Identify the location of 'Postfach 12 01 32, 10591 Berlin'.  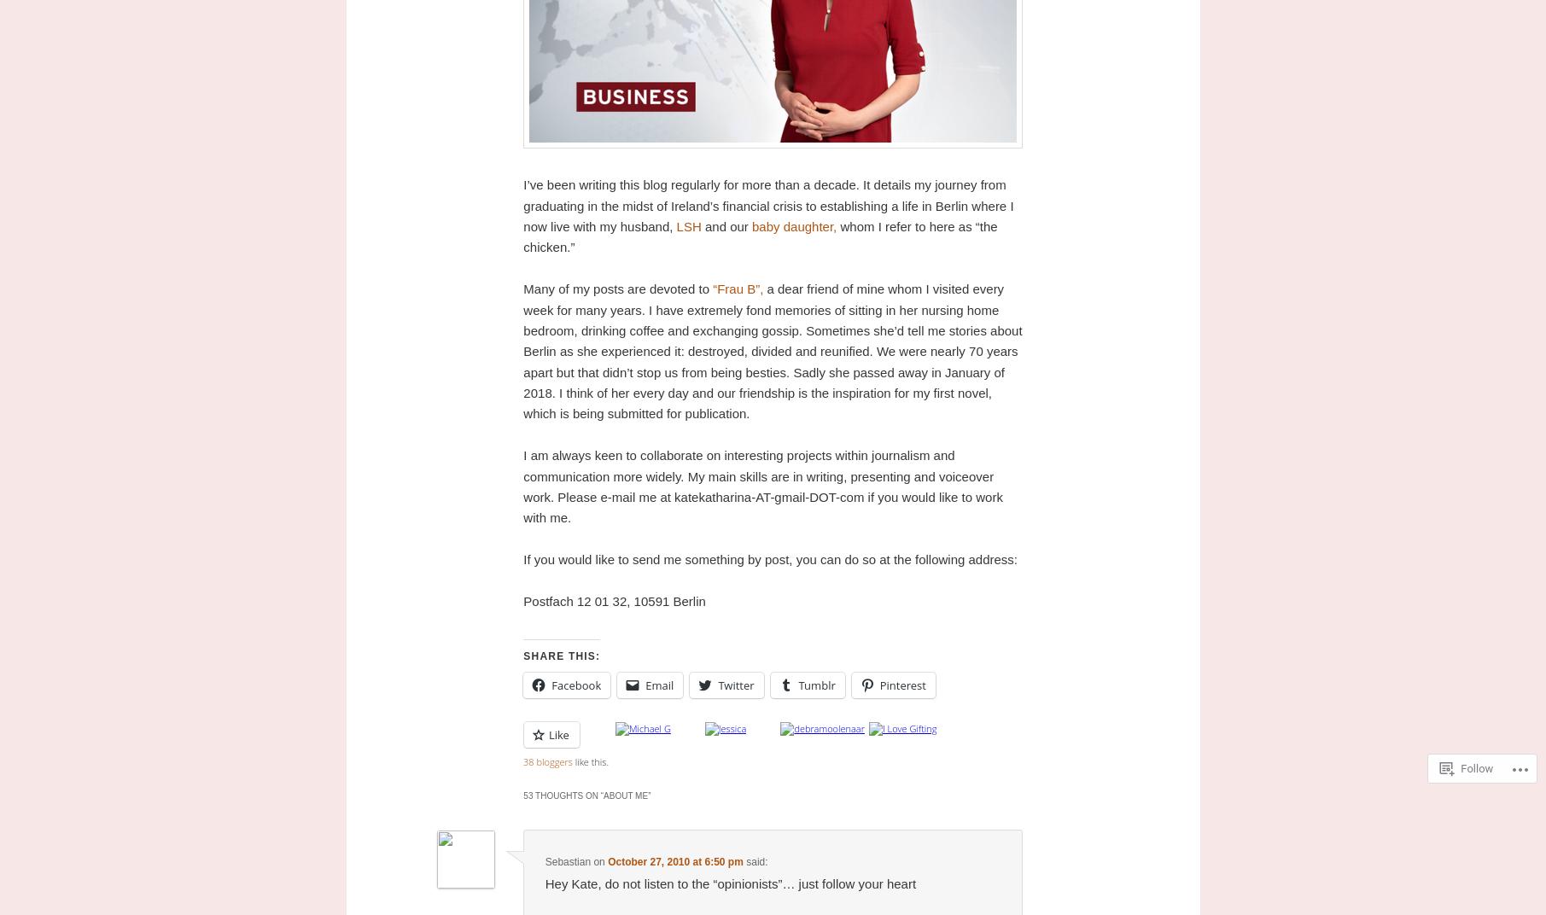
(613, 599).